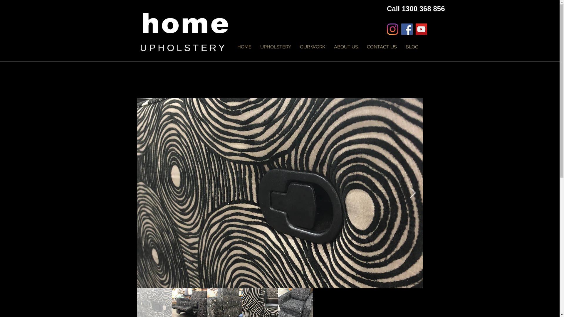 The image size is (564, 317). Describe the element at coordinates (382, 46) in the screenshot. I see `'CONTACT US'` at that location.